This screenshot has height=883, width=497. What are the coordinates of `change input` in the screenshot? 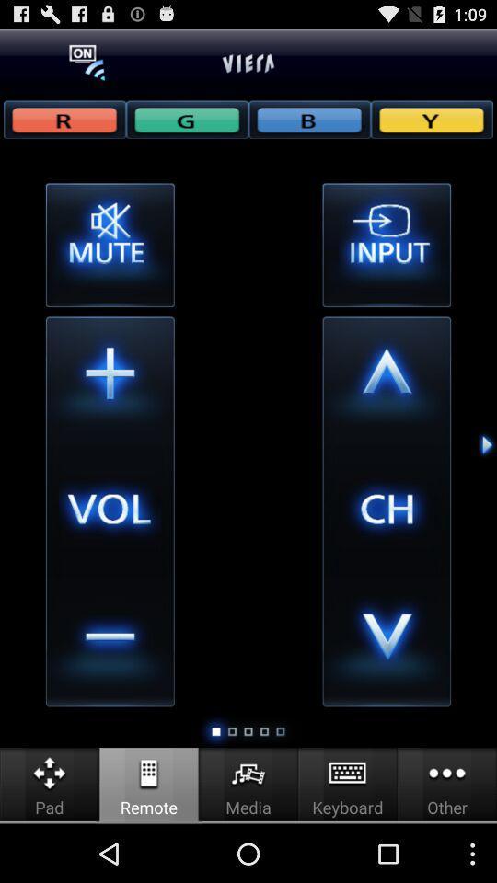 It's located at (386, 244).